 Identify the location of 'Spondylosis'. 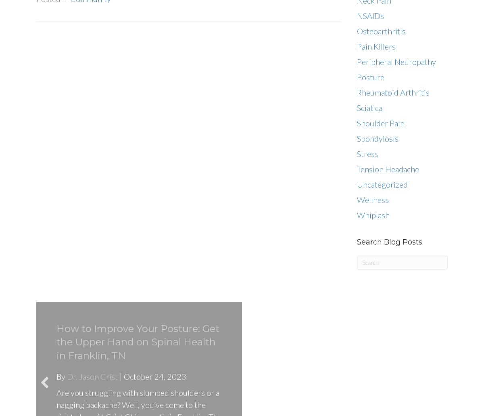
(357, 138).